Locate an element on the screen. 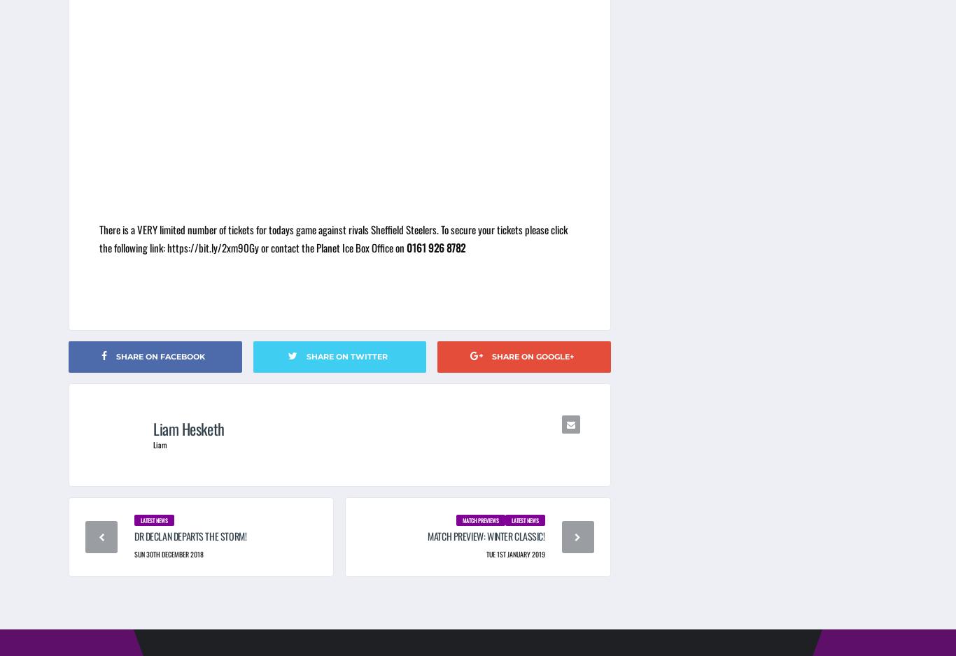 This screenshot has height=656, width=956. 'Sun 30th December 2018' is located at coordinates (169, 553).